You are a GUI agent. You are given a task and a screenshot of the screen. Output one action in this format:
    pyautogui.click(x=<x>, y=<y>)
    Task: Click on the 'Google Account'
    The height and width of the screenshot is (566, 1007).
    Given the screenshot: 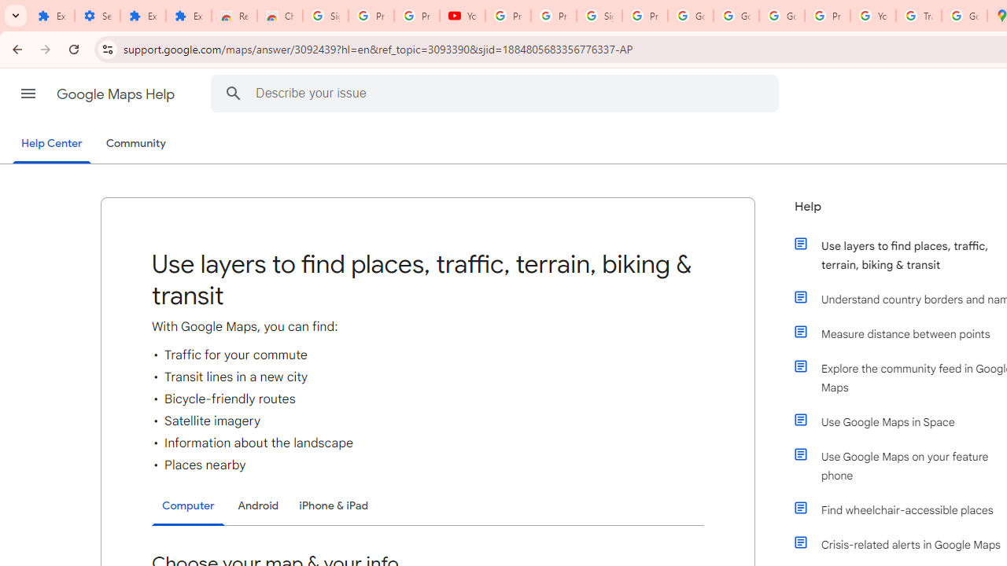 What is the action you would take?
    pyautogui.click(x=691, y=16)
    